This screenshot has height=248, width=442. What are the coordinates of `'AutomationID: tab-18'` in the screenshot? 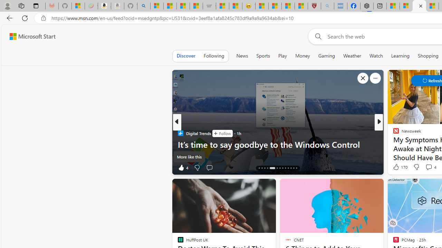 It's located at (272, 168).